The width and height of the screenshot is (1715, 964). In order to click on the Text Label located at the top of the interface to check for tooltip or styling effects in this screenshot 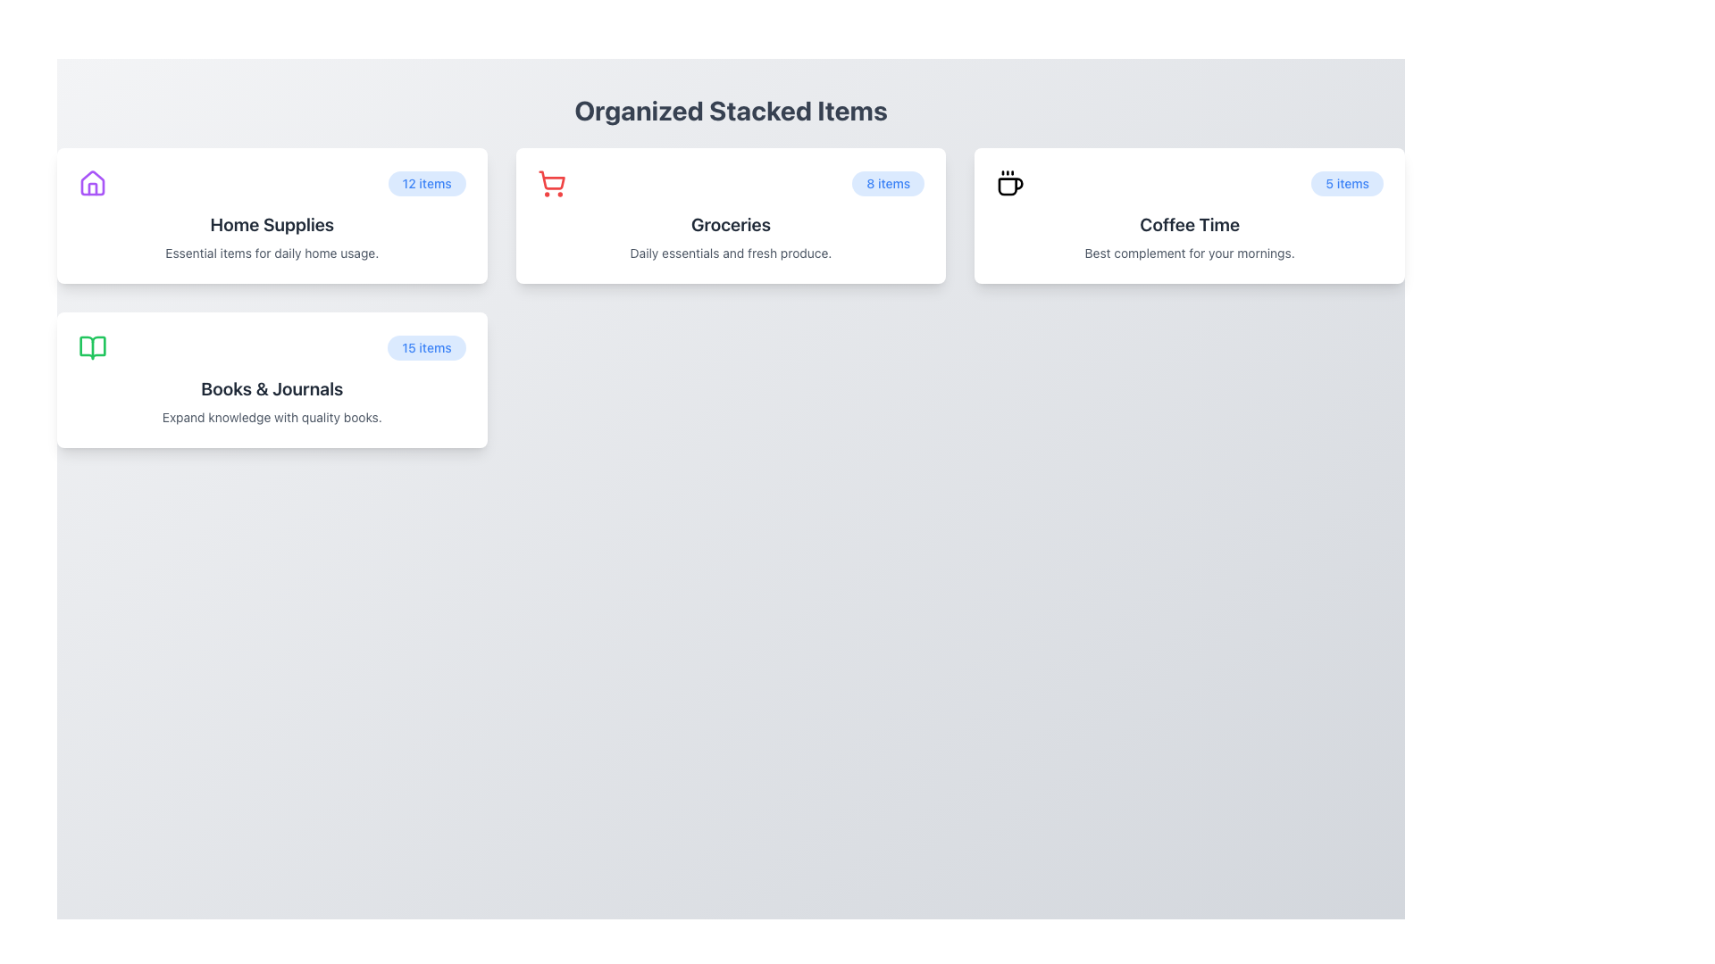, I will do `click(731, 110)`.